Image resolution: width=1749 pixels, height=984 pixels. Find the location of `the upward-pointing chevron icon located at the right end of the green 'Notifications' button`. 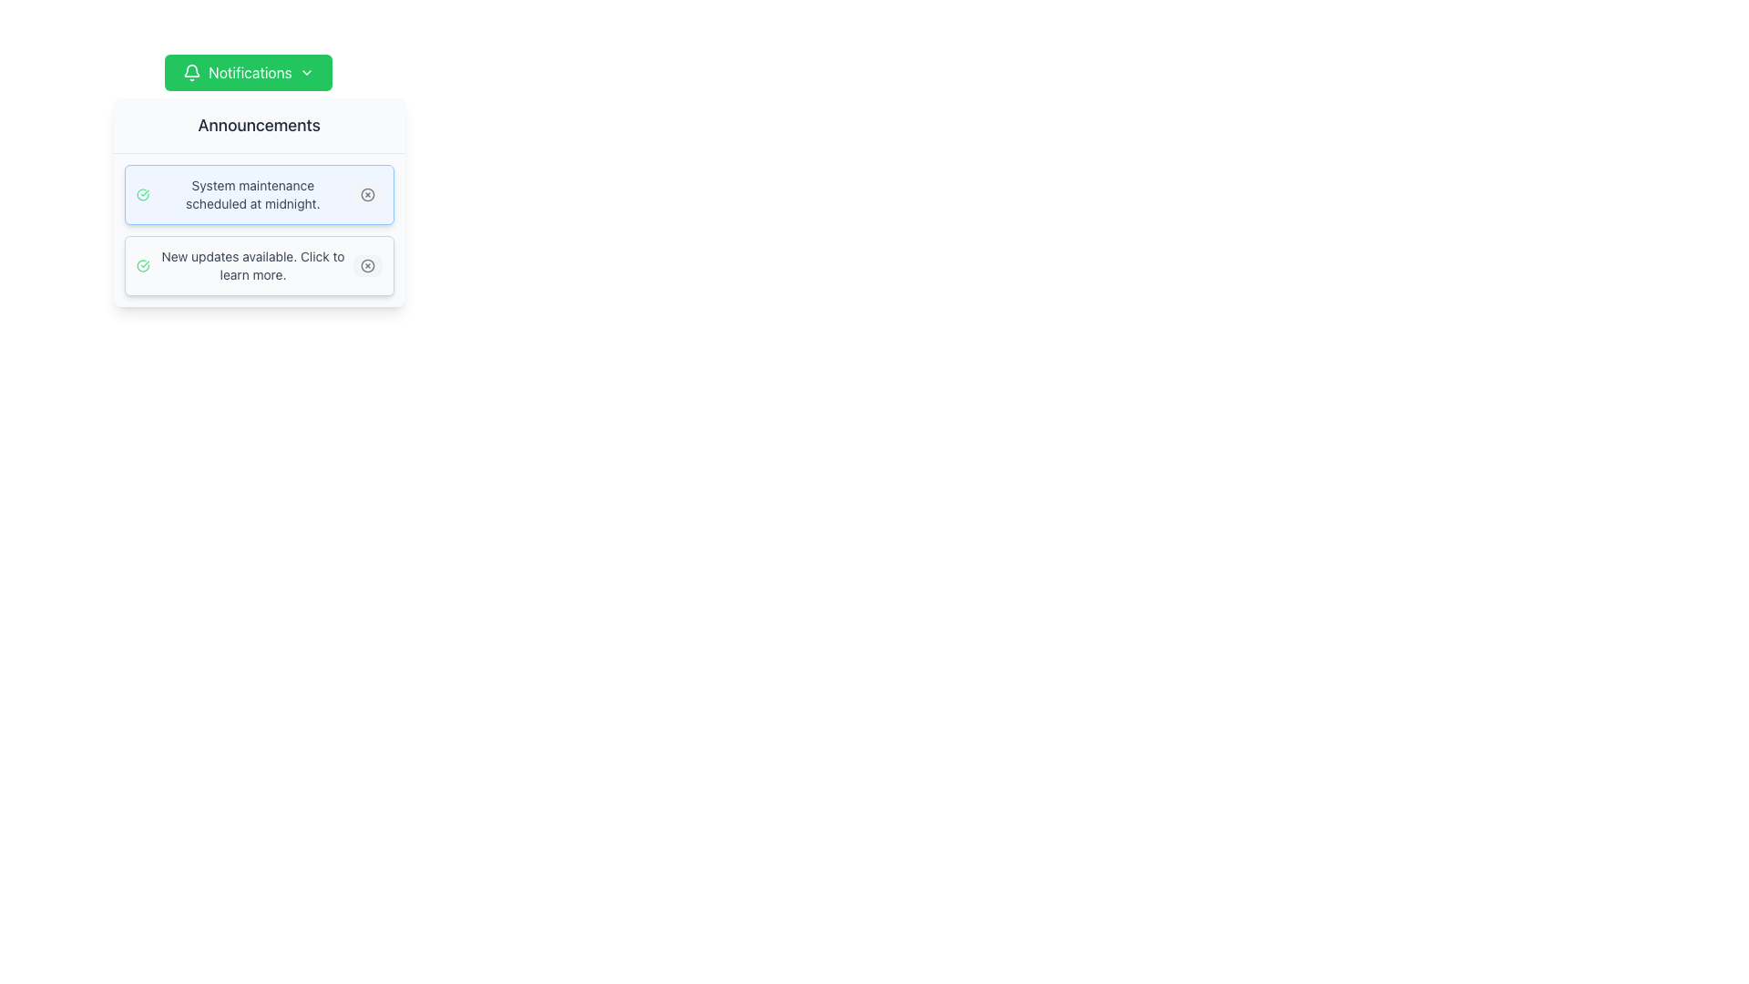

the upward-pointing chevron icon located at the right end of the green 'Notifications' button is located at coordinates (306, 72).